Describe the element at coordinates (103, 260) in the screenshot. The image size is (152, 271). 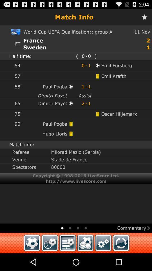
I see `the settings icon` at that location.